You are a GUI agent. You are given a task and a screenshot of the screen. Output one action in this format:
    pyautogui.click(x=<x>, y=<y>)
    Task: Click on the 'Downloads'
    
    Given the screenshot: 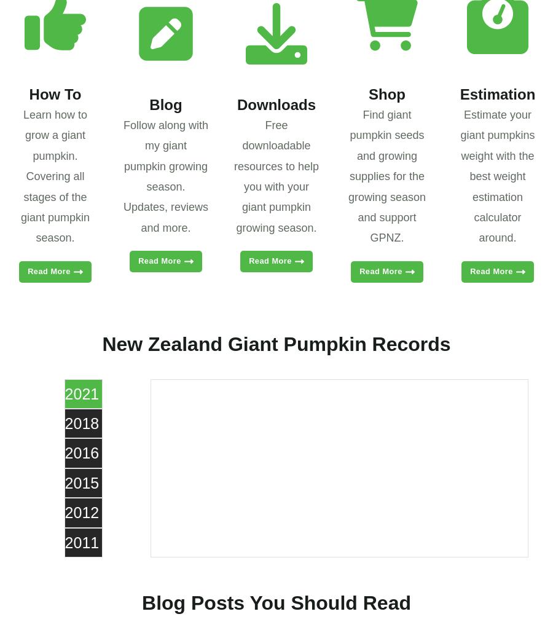 What is the action you would take?
    pyautogui.click(x=276, y=104)
    